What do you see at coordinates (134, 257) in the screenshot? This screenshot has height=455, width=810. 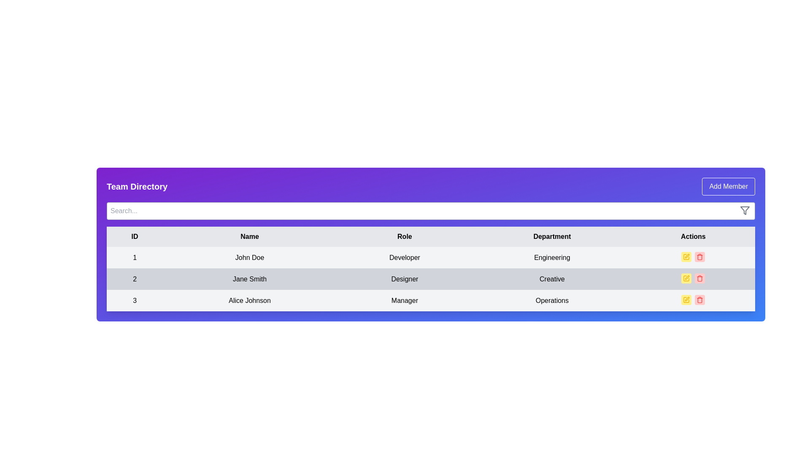 I see `the bold text displaying '1' in the first row of the table under the 'ID' column` at bounding box center [134, 257].